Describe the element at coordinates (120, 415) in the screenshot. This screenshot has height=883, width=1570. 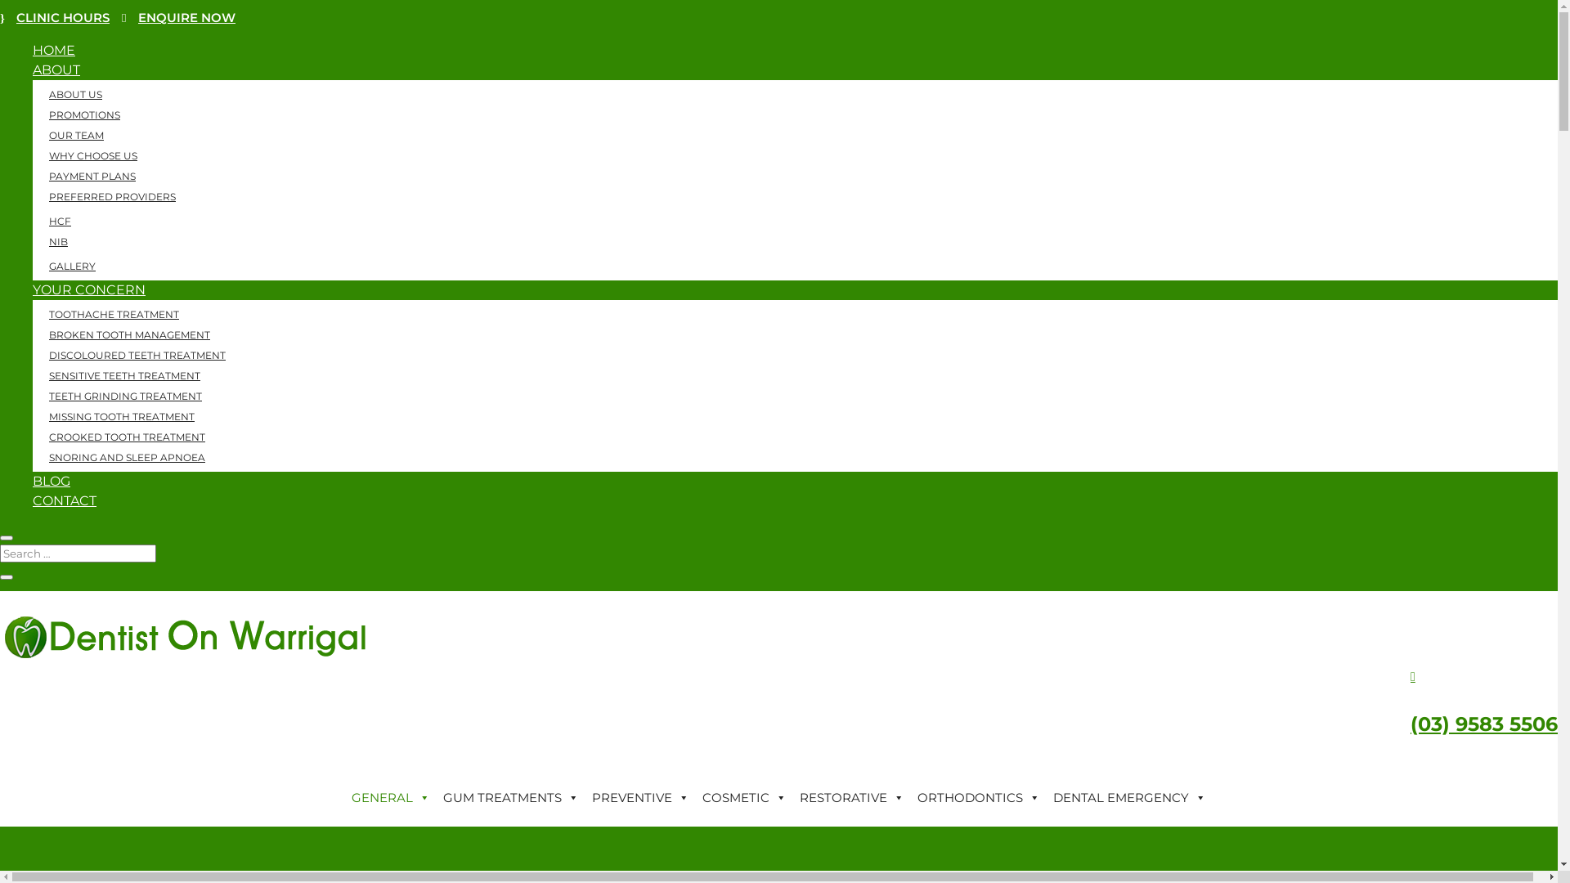
I see `'MISSING TOOTH TREATMENT'` at that location.